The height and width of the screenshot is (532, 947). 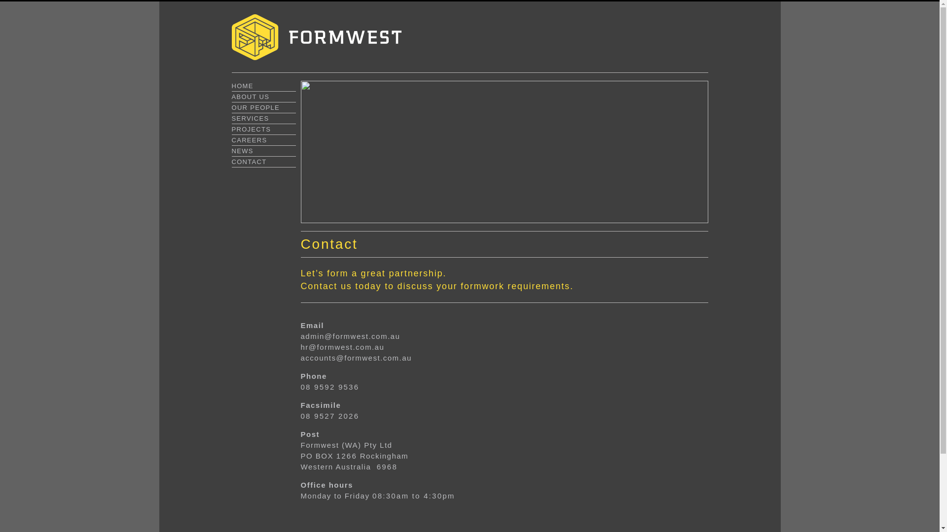 I want to click on '08 9592 9536', so click(x=330, y=386).